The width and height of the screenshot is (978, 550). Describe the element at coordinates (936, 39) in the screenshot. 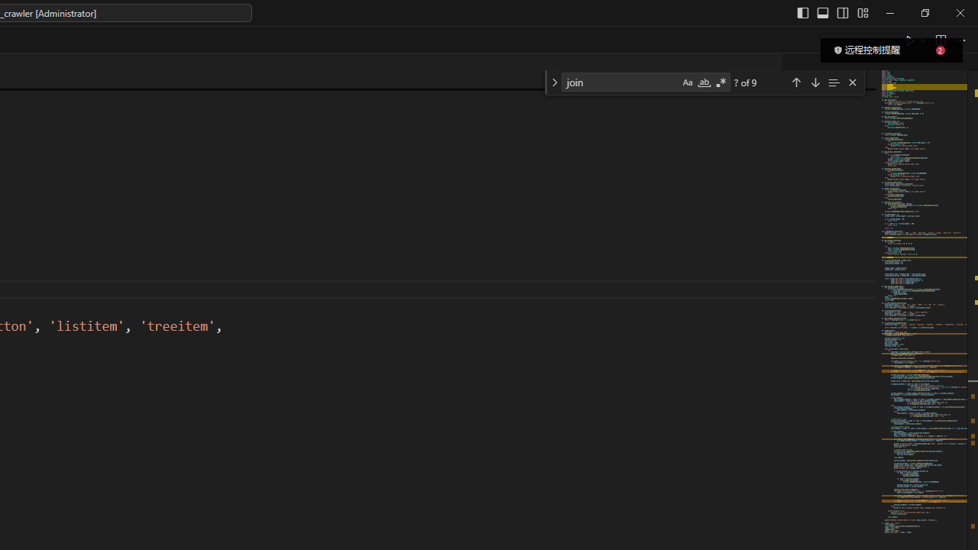

I see `'Editor actions'` at that location.